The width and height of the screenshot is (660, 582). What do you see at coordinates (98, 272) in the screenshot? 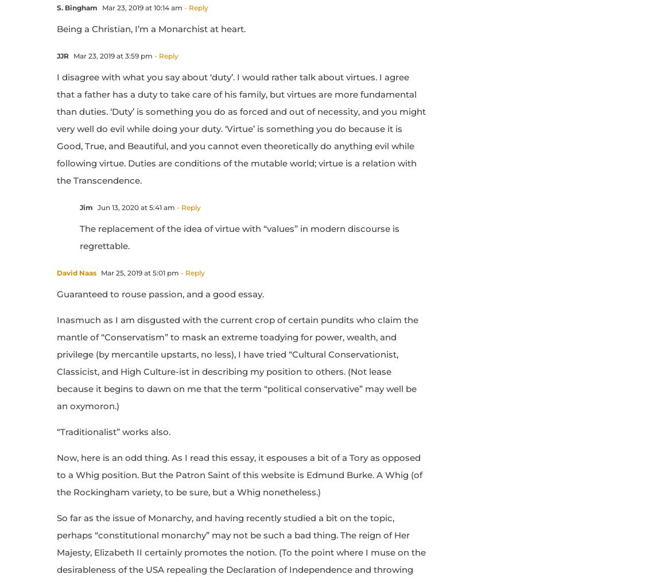
I see `'Mar 25, 2019 at 5:01 pm'` at bounding box center [98, 272].